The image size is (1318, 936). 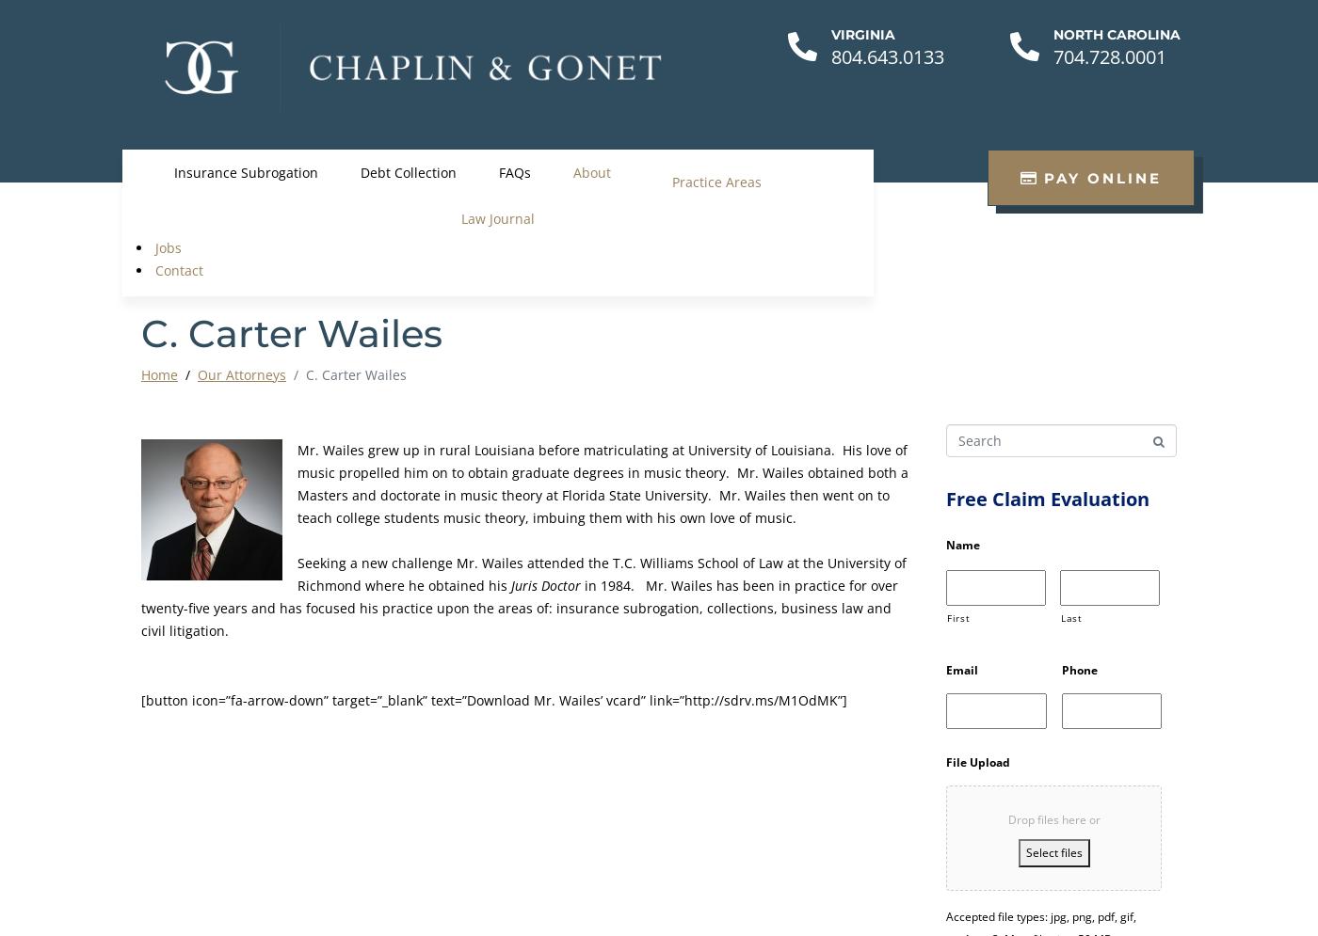 I want to click on 'Juris Doctor', so click(x=546, y=585).